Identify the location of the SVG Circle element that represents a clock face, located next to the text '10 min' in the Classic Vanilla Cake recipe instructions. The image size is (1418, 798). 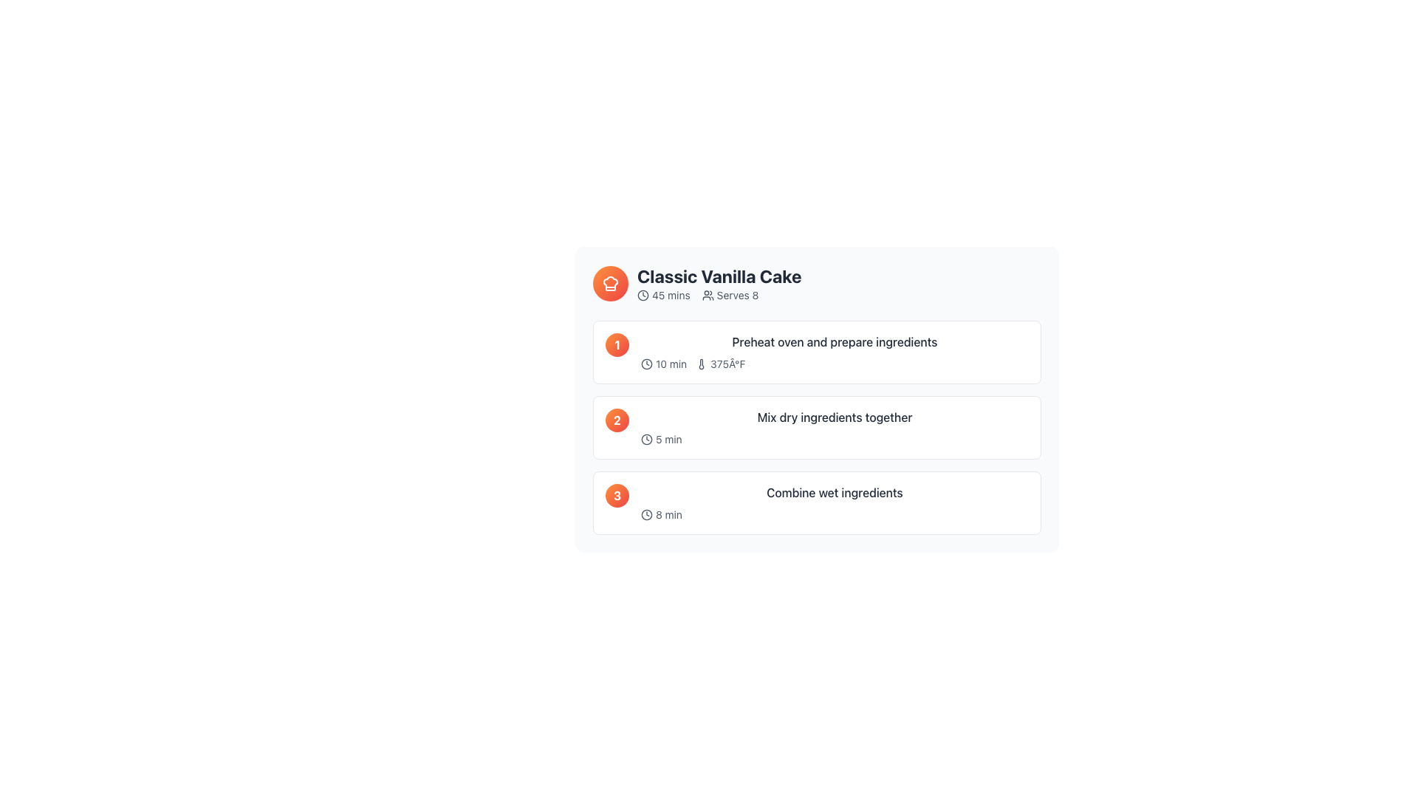
(643, 296).